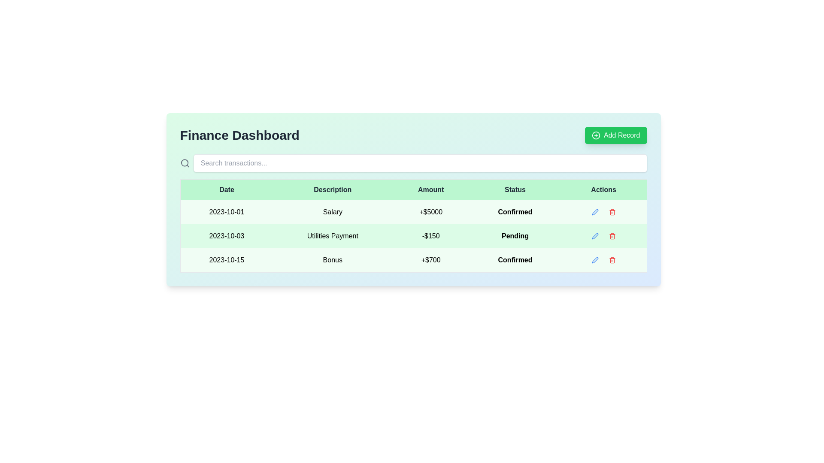 The image size is (824, 463). Describe the element at coordinates (603, 189) in the screenshot. I see `the bold text label stating 'Actions' in black, which is positioned within a green header row as the rightmost element above an action-related column` at that location.